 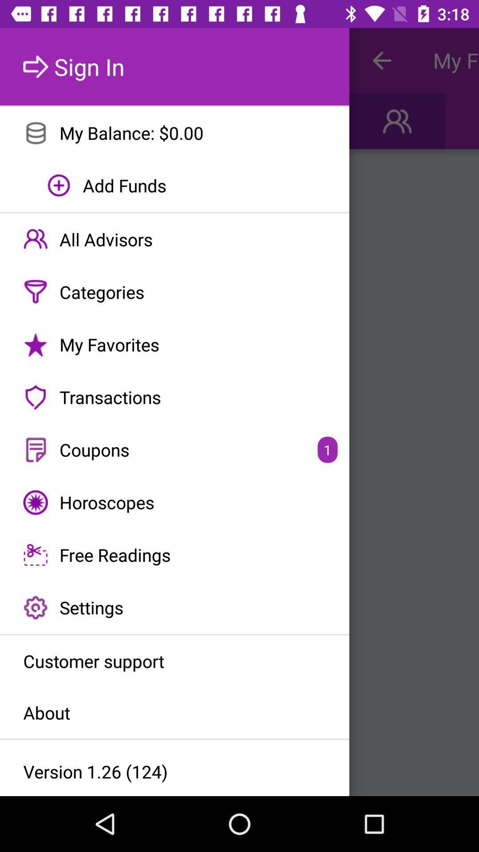 I want to click on the add funds item, so click(x=174, y=185).